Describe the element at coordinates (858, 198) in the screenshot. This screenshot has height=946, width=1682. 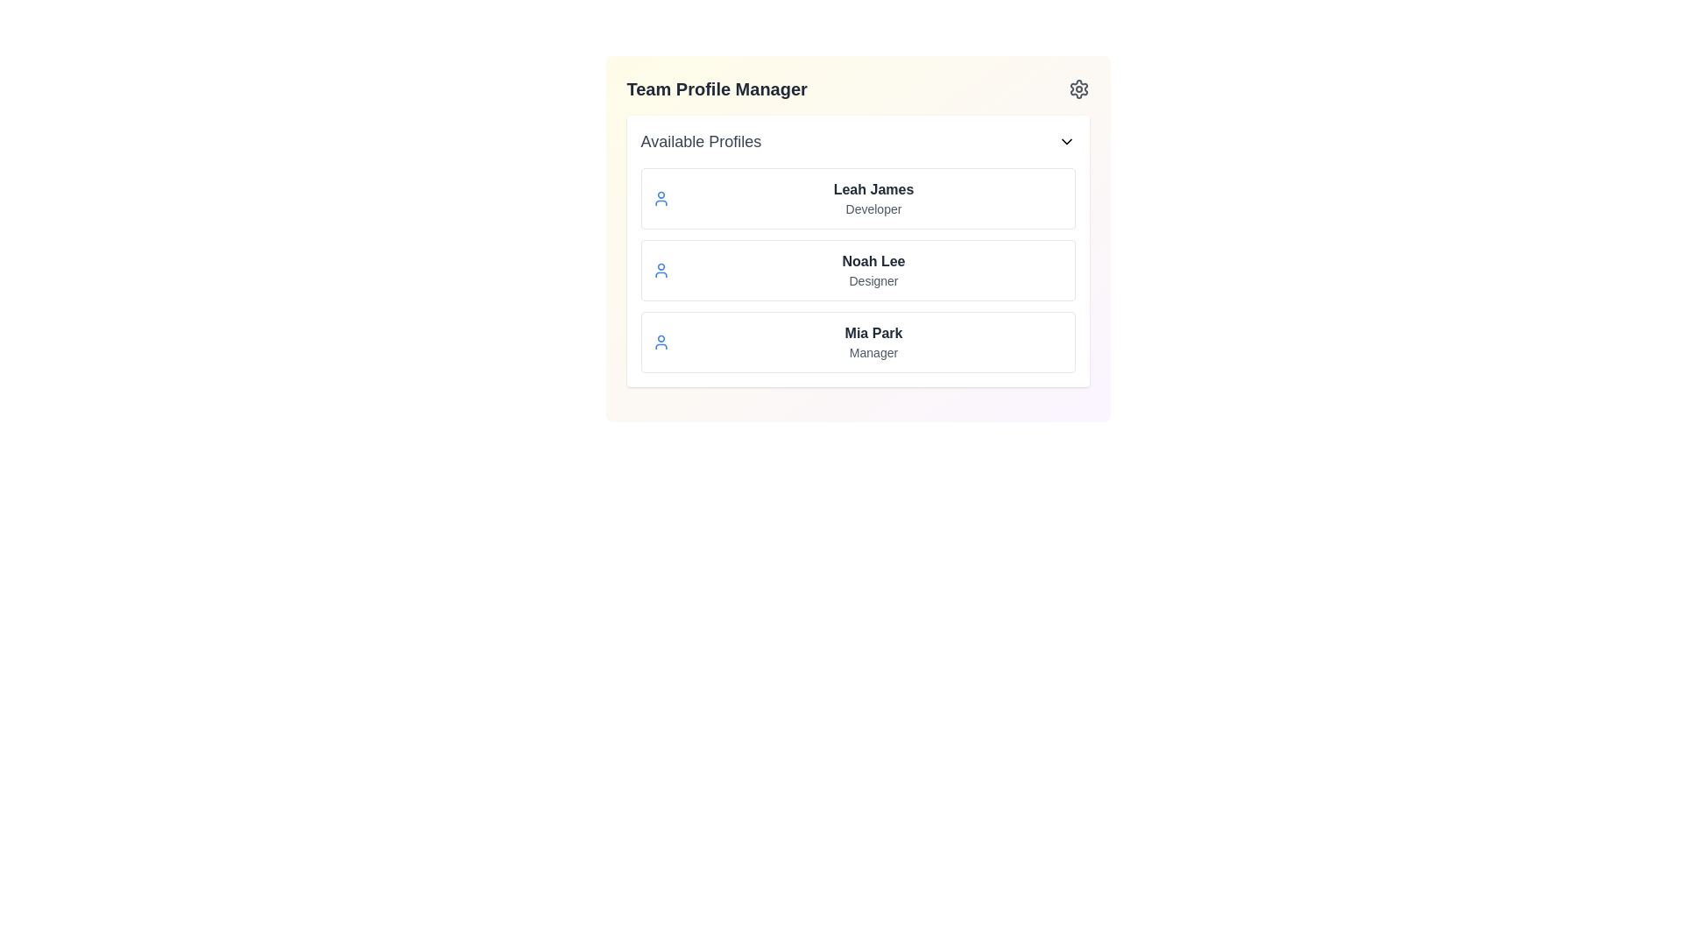
I see `the topmost card in the 'Available Profiles' section of the 'Team Profile Manager'` at that location.